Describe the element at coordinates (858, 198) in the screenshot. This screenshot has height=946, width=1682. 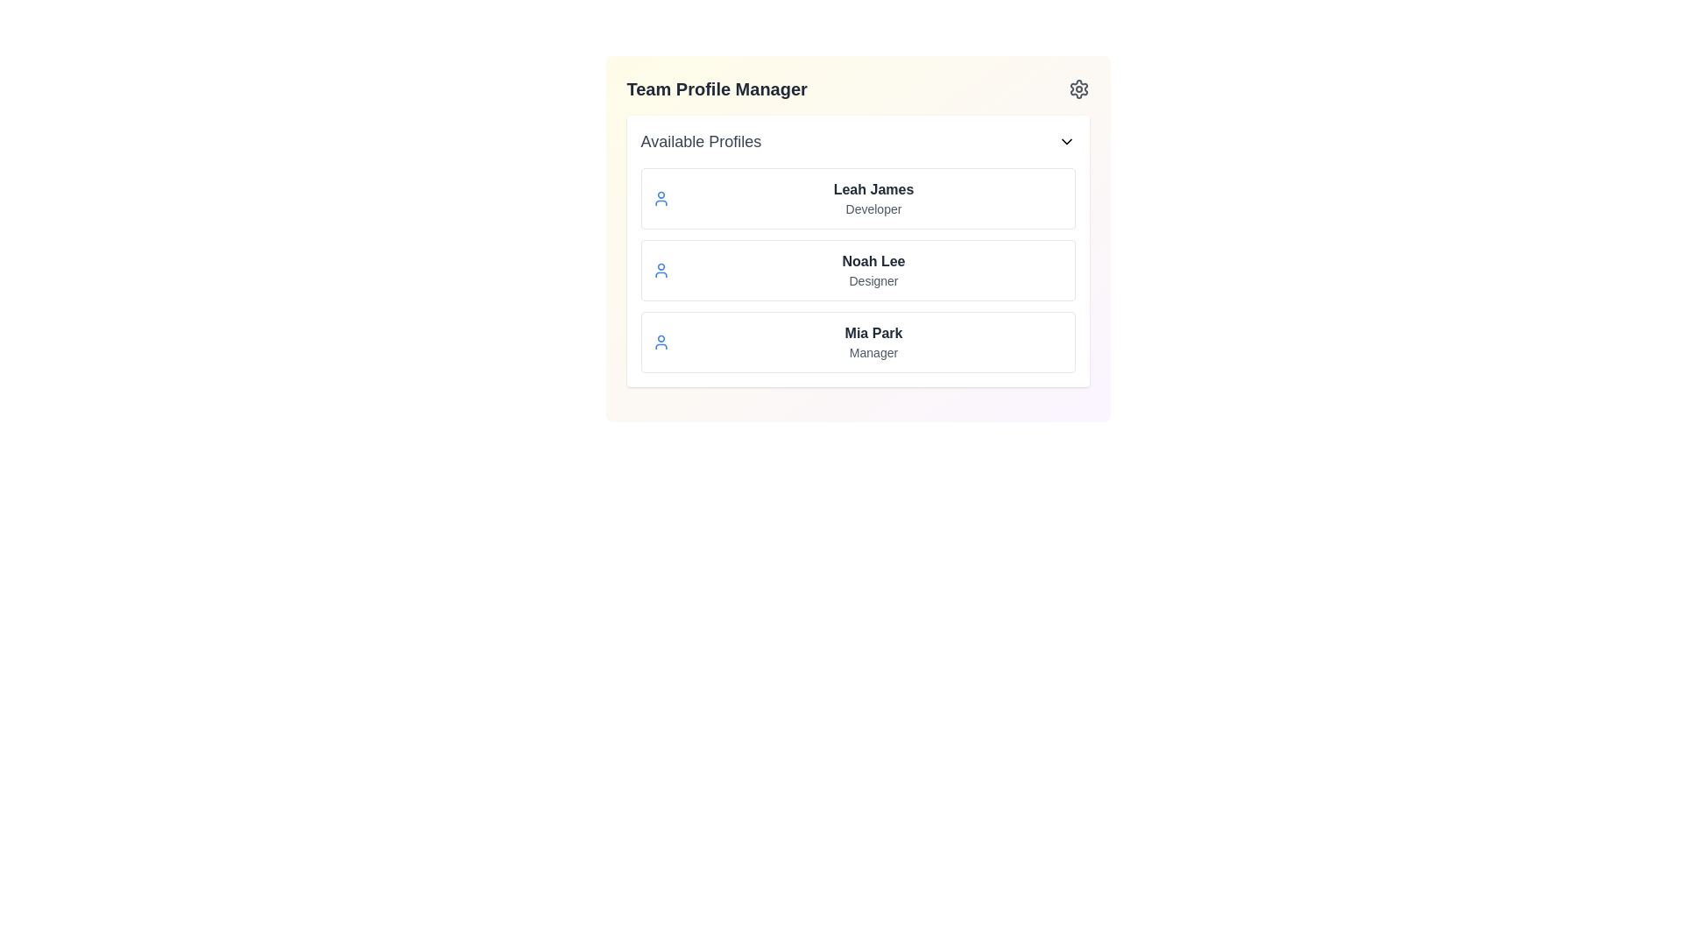
I see `the topmost card in the 'Available Profiles' section of the 'Team Profile Manager'` at that location.